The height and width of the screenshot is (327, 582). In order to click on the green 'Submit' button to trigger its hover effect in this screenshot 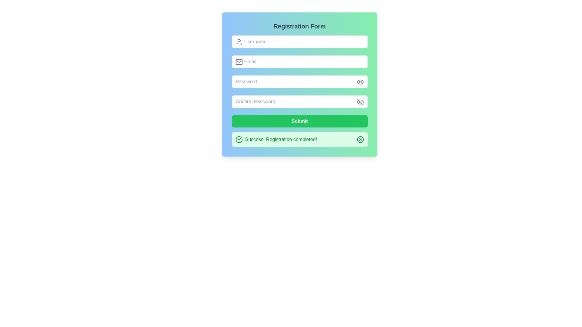, I will do `click(299, 121)`.